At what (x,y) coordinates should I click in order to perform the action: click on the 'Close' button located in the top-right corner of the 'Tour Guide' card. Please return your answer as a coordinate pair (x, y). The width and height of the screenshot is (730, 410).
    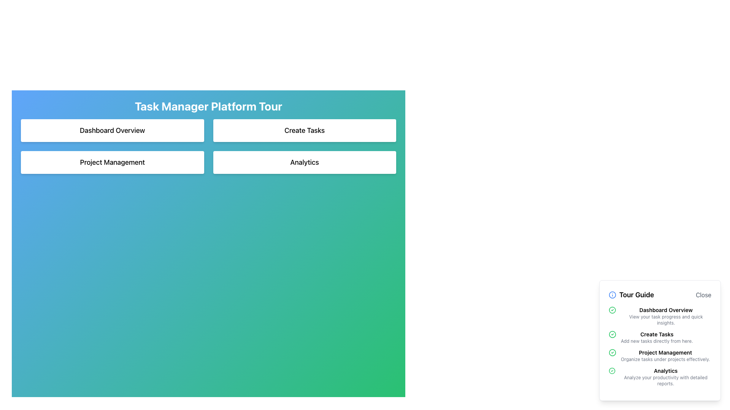
    Looking at the image, I should click on (703, 294).